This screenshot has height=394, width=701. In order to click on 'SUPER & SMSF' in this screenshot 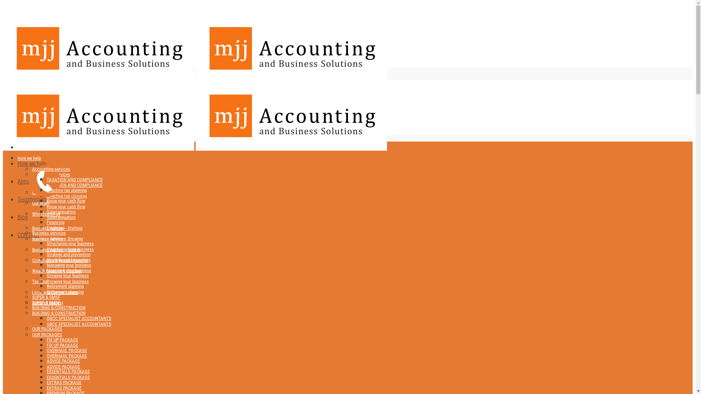, I will do `click(46, 302)`.